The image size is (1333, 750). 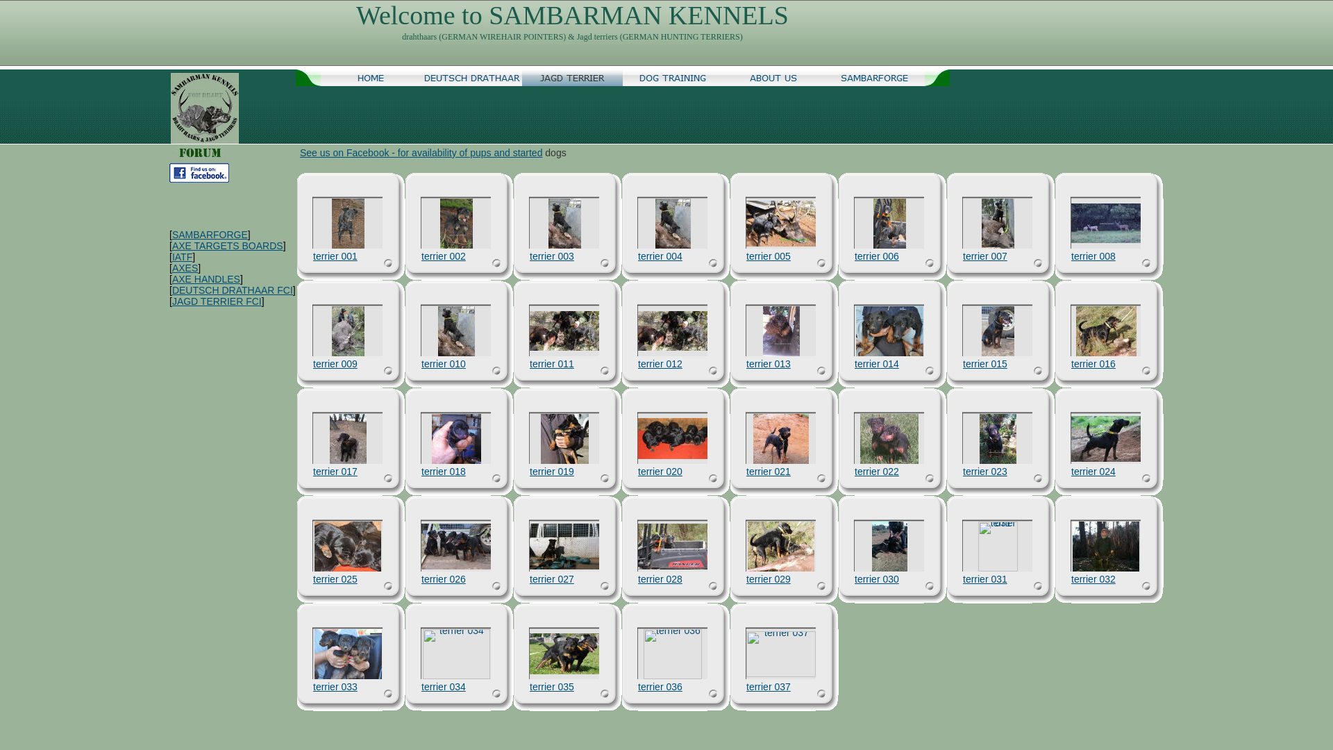 I want to click on 'terrier 018', so click(x=442, y=470).